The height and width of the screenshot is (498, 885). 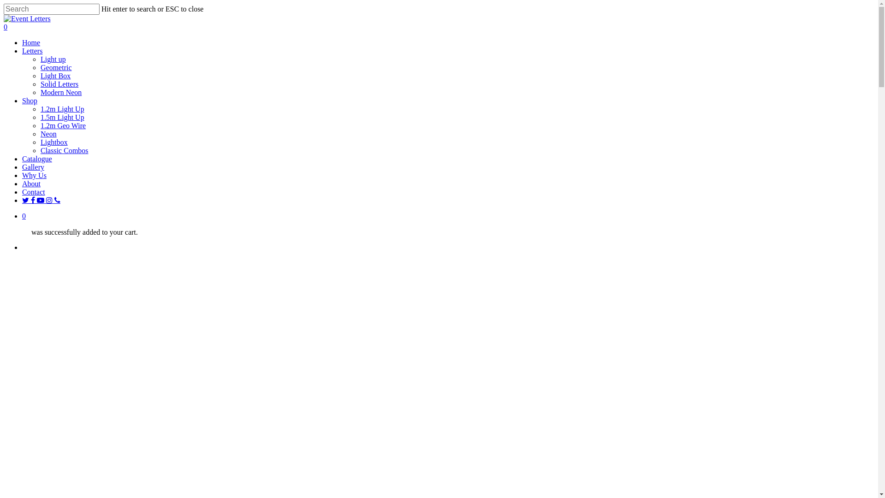 I want to click on 'Solid Letters', so click(x=59, y=84).